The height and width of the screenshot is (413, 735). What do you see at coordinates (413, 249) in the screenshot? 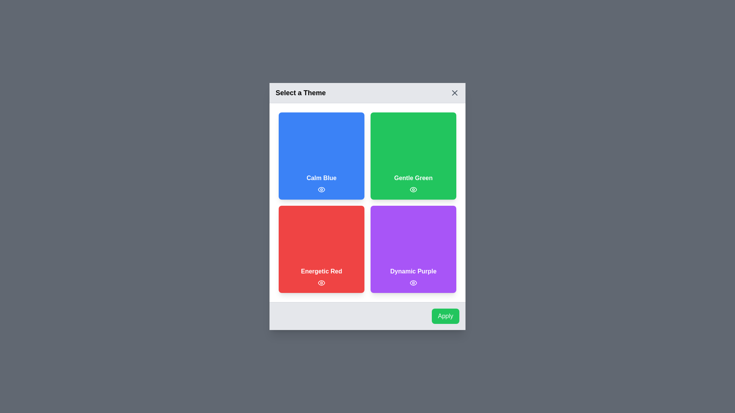
I see `the theme Dynamic Purple by clicking on its respective area` at bounding box center [413, 249].